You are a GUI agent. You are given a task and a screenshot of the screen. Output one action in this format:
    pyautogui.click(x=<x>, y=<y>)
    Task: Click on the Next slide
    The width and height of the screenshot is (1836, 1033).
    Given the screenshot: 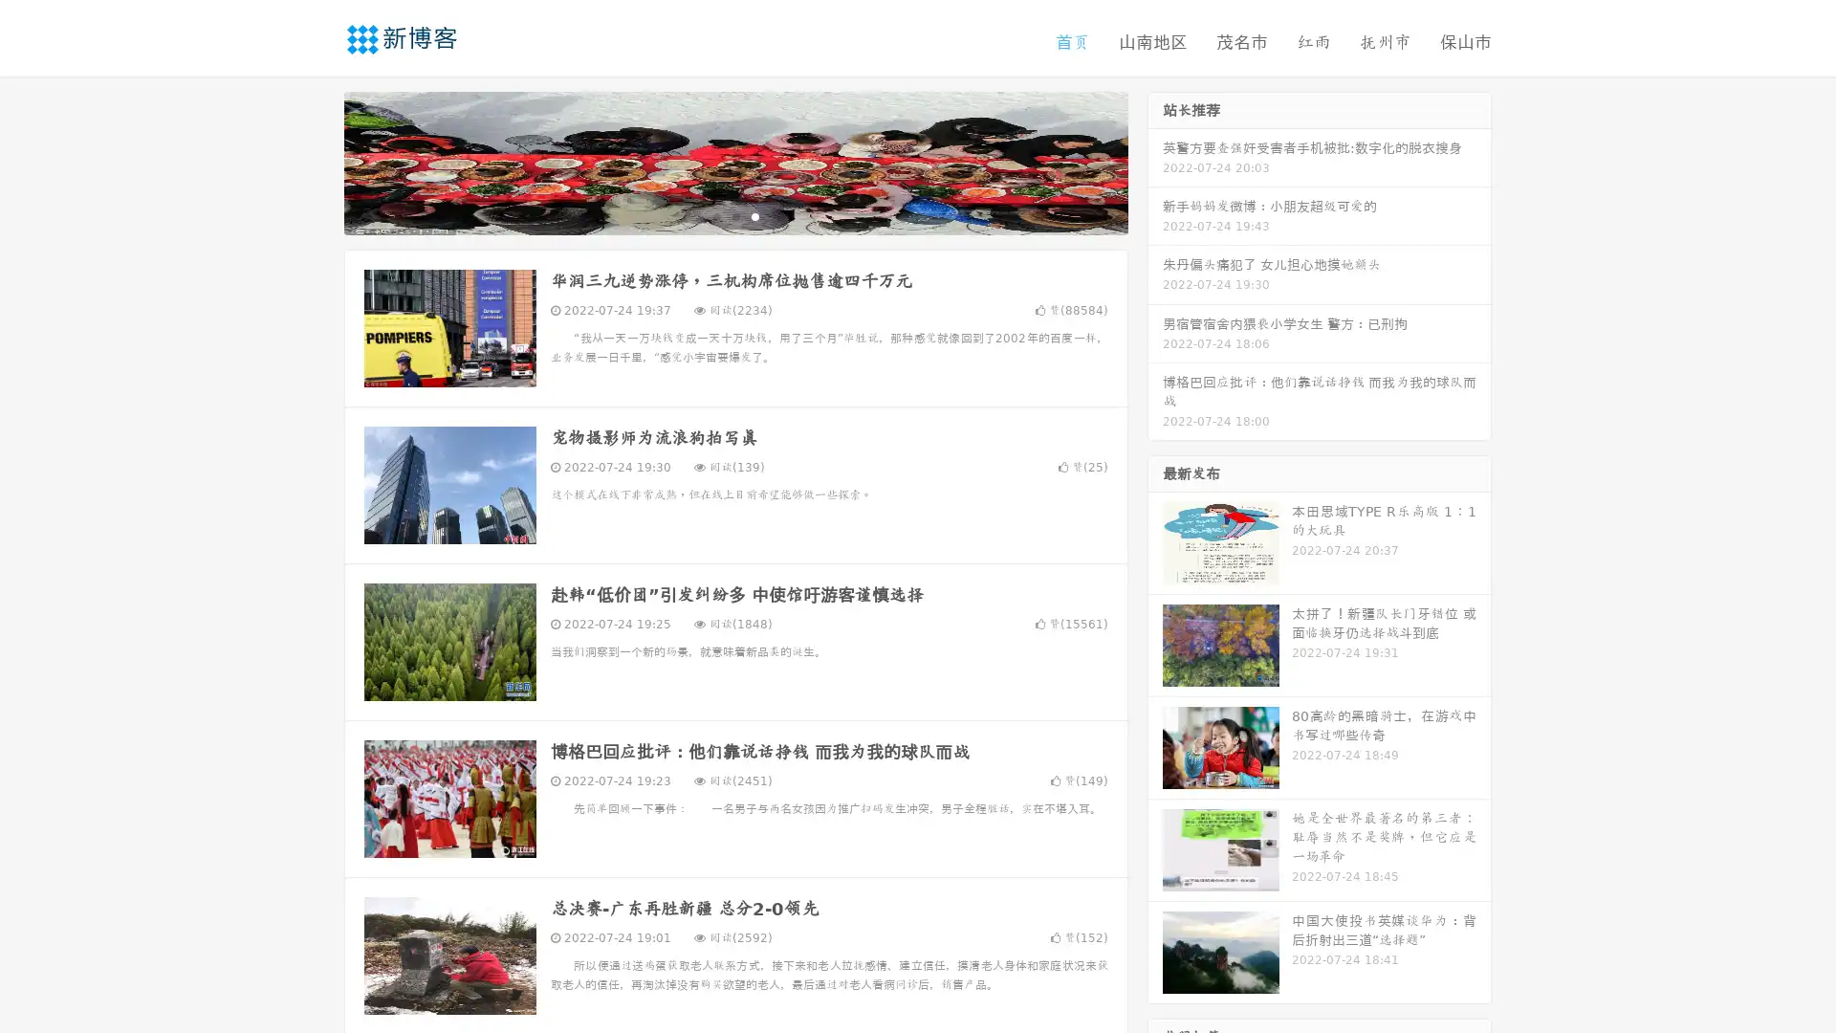 What is the action you would take?
    pyautogui.click(x=1155, y=161)
    